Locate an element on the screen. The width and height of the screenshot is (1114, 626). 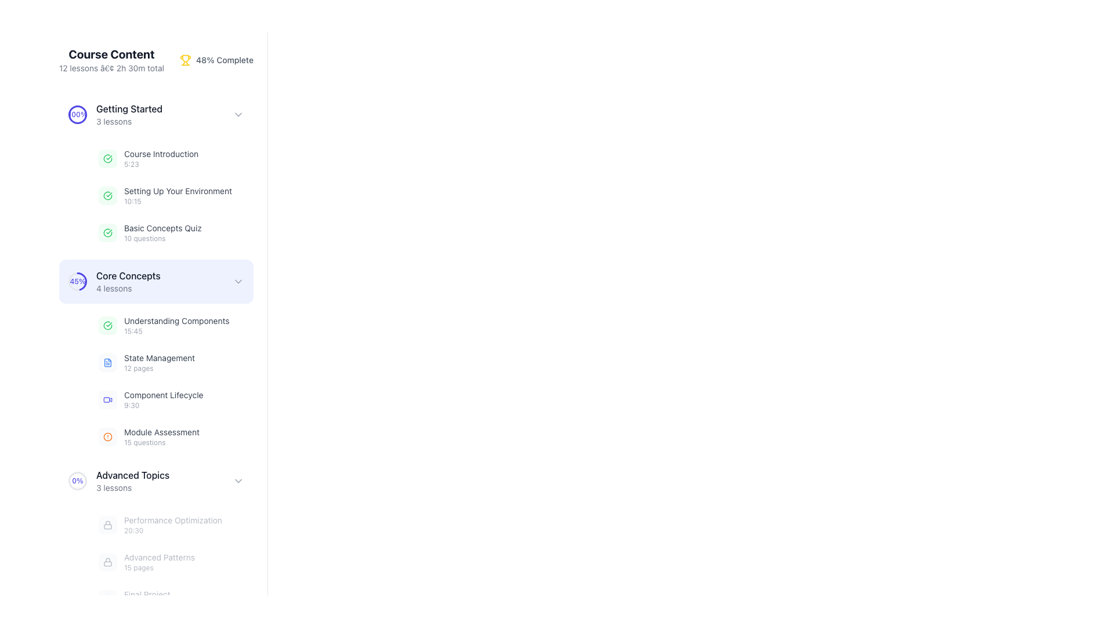
the 'State Management' card within the 'Core Concepts' section is located at coordinates (172, 362).